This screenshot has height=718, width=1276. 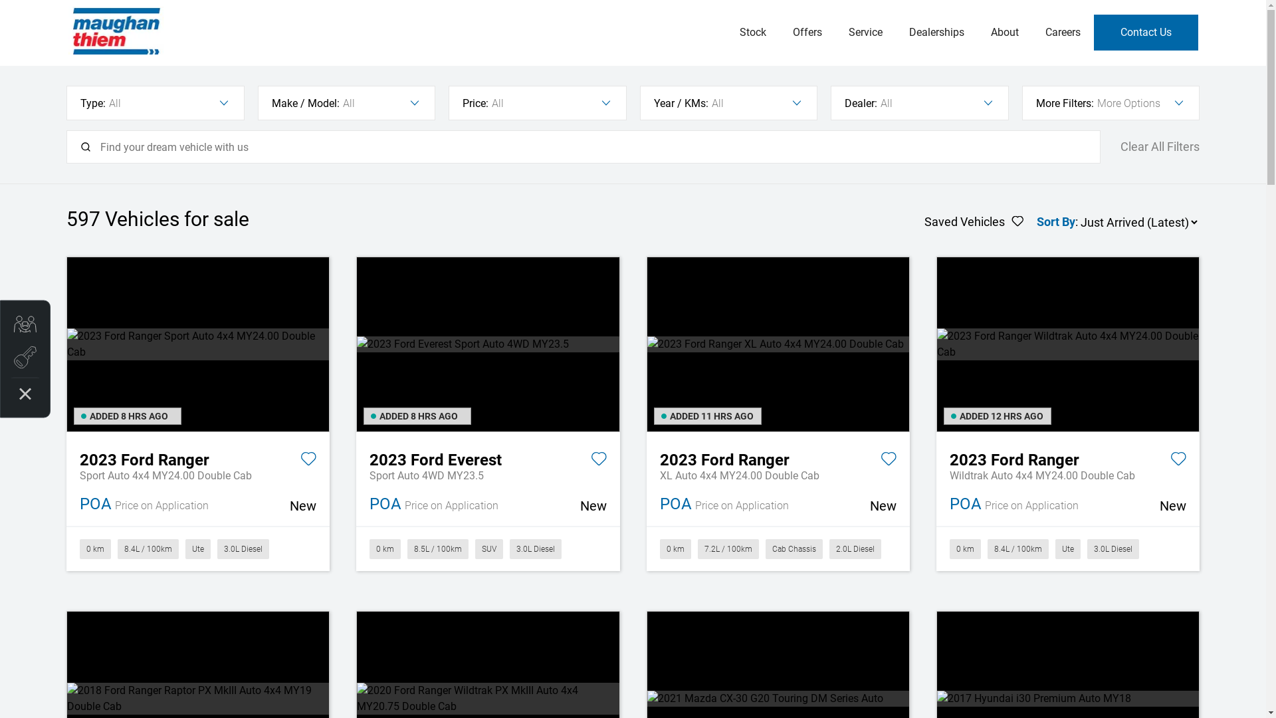 I want to click on 'Dealerships', so click(x=936, y=32).